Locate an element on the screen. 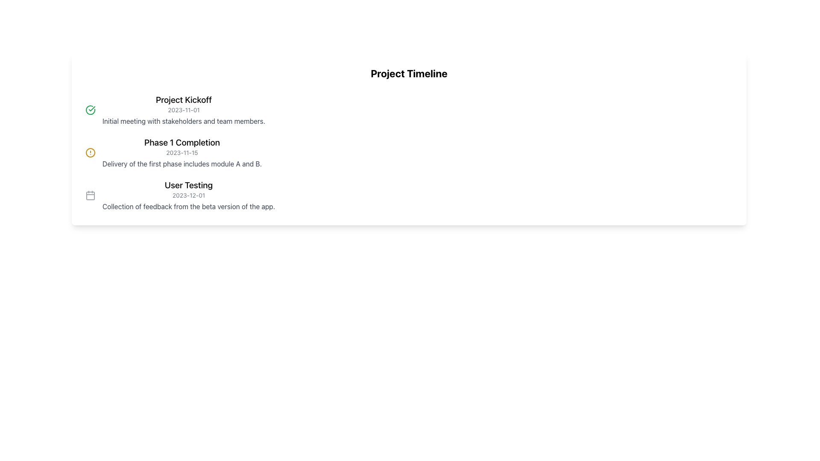 The height and width of the screenshot is (461, 820). the central SVG circle element of the alert icon next to the text 'Phase 1 Completion' is located at coordinates (90, 152).